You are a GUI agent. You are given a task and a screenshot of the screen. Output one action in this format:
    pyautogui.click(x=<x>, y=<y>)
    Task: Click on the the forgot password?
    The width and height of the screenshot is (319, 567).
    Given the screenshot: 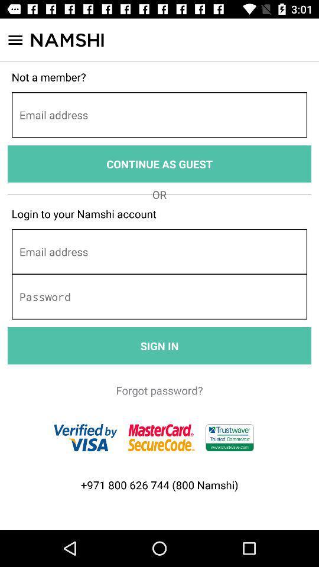 What is the action you would take?
    pyautogui.click(x=159, y=390)
    